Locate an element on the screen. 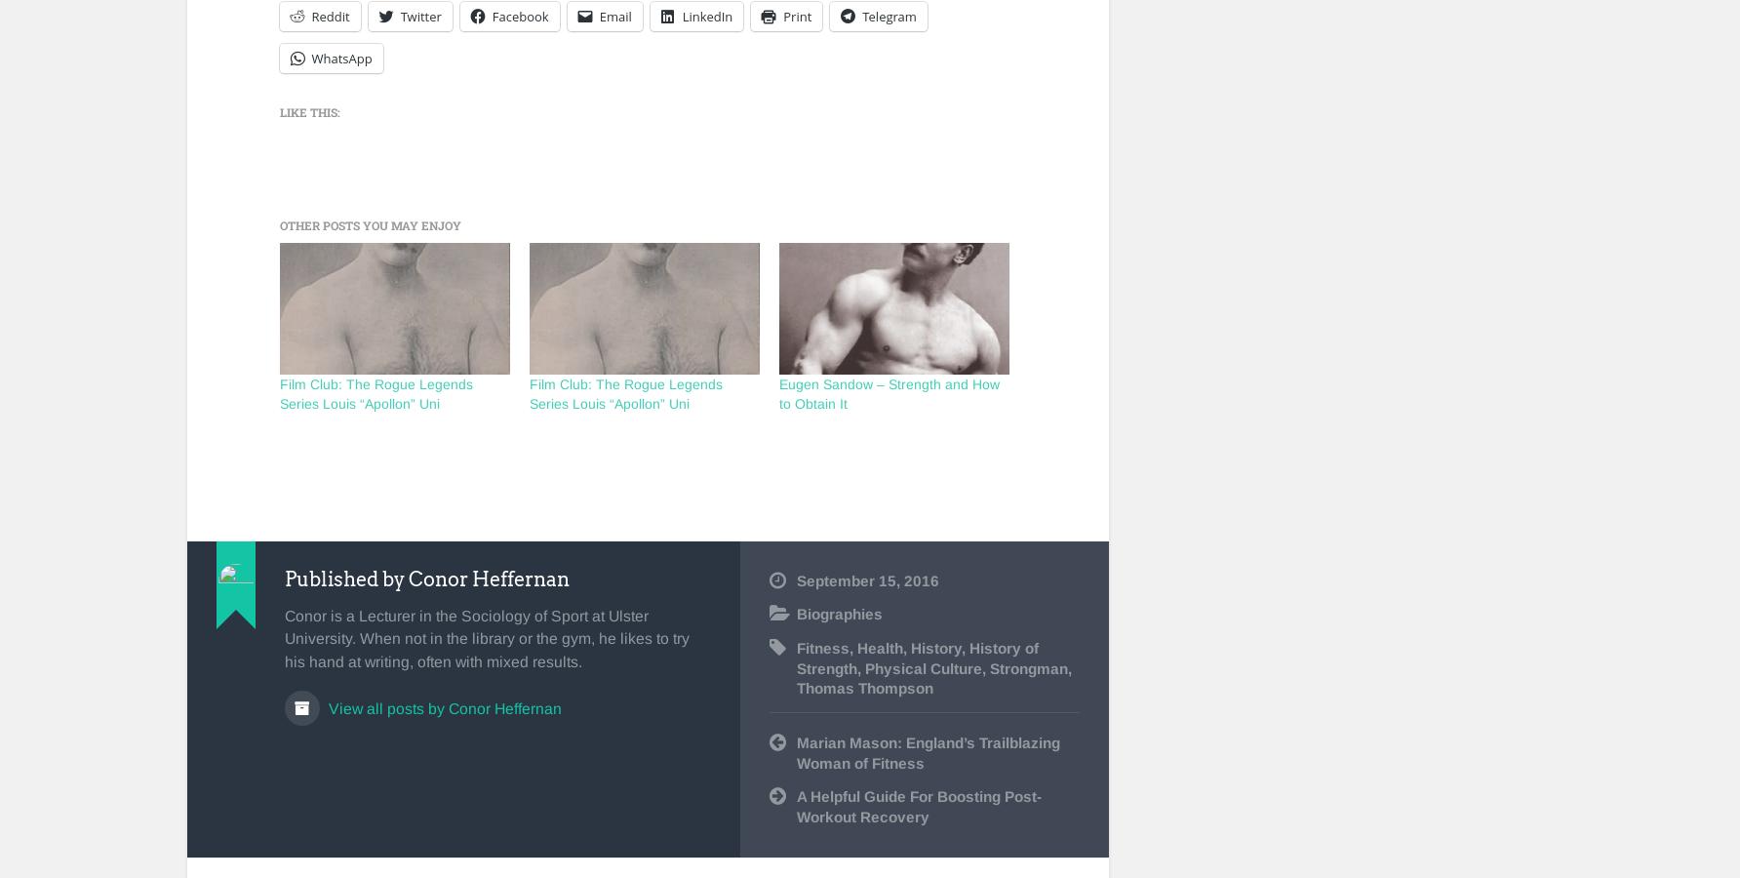 The width and height of the screenshot is (1740, 878). 'Reddit' is located at coordinates (329, 15).